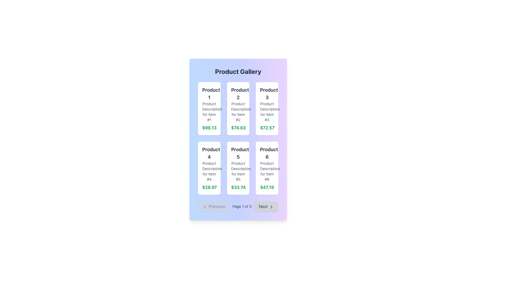  Describe the element at coordinates (238, 171) in the screenshot. I see `the text label displaying 'Product Description for Item #5' located in the product card labeled 'Product 5' in the second row and third column of the product grid` at that location.